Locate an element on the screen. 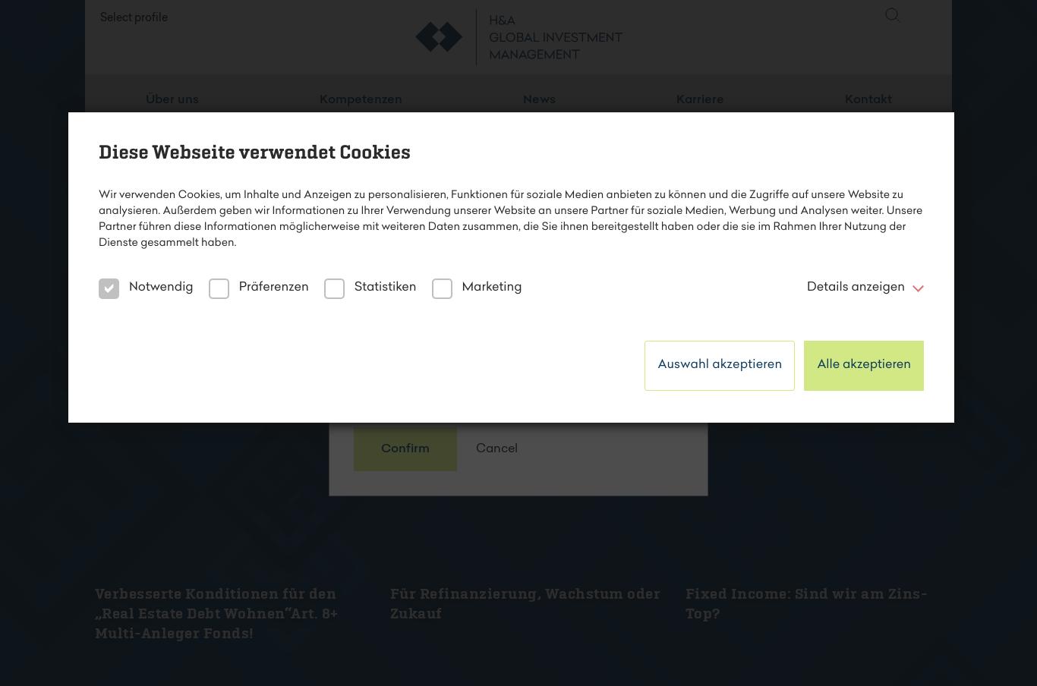 This screenshot has height=686, width=1037. 'de' is located at coordinates (922, 53).